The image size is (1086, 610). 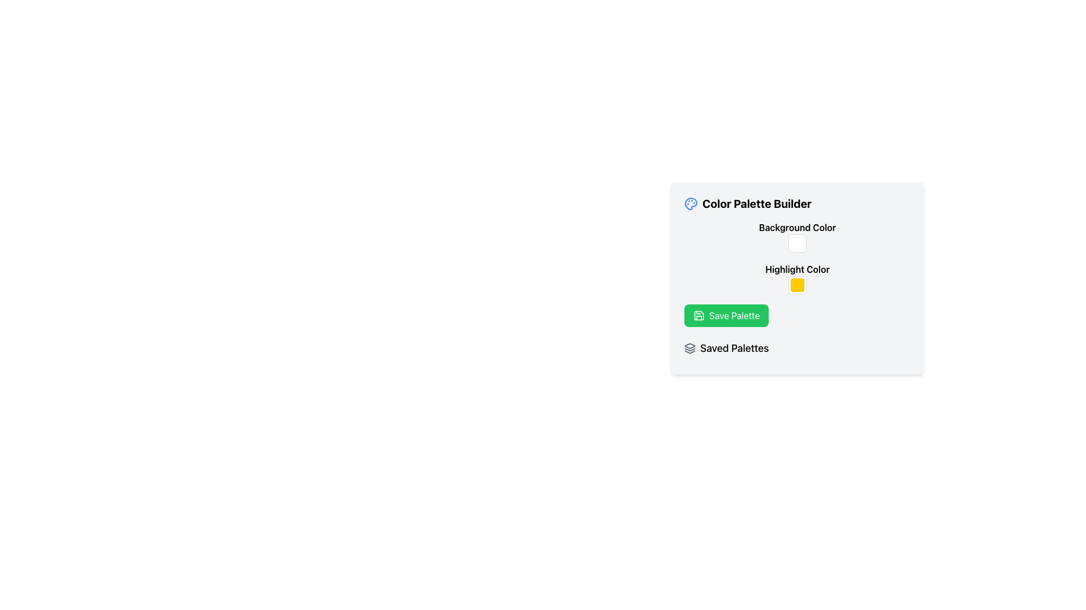 I want to click on the yellow color swatch of the second color picker labeled 'Highlight Color' in the 'Color Palette Builder' panel, so click(x=797, y=278).